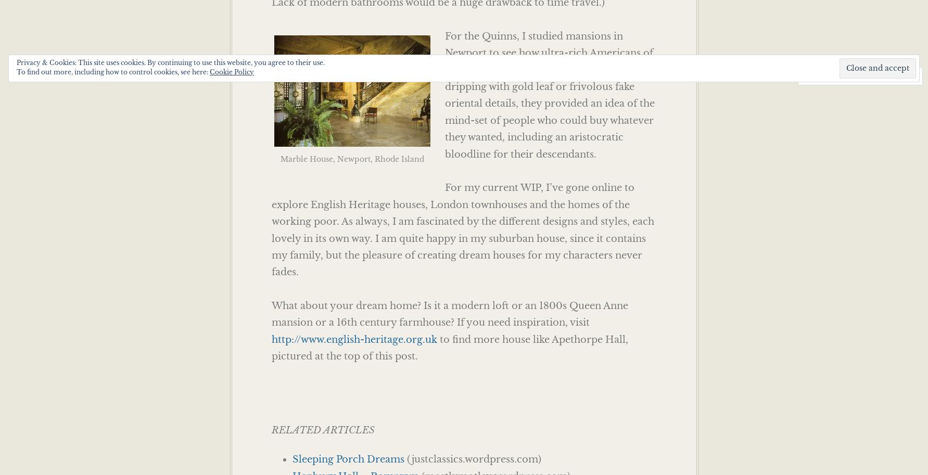  I want to click on 'For the Quinns, I studied mansions in Newport to see how ultra-rich Americans of an earlier era spent their money. Opulent, dripping with gold leaf or frivolous fake oriental details, they provided an idea of the mind-set of people who could buy whatever they wanted, including an aristocratic bloodline for their descendants.', so click(549, 95).